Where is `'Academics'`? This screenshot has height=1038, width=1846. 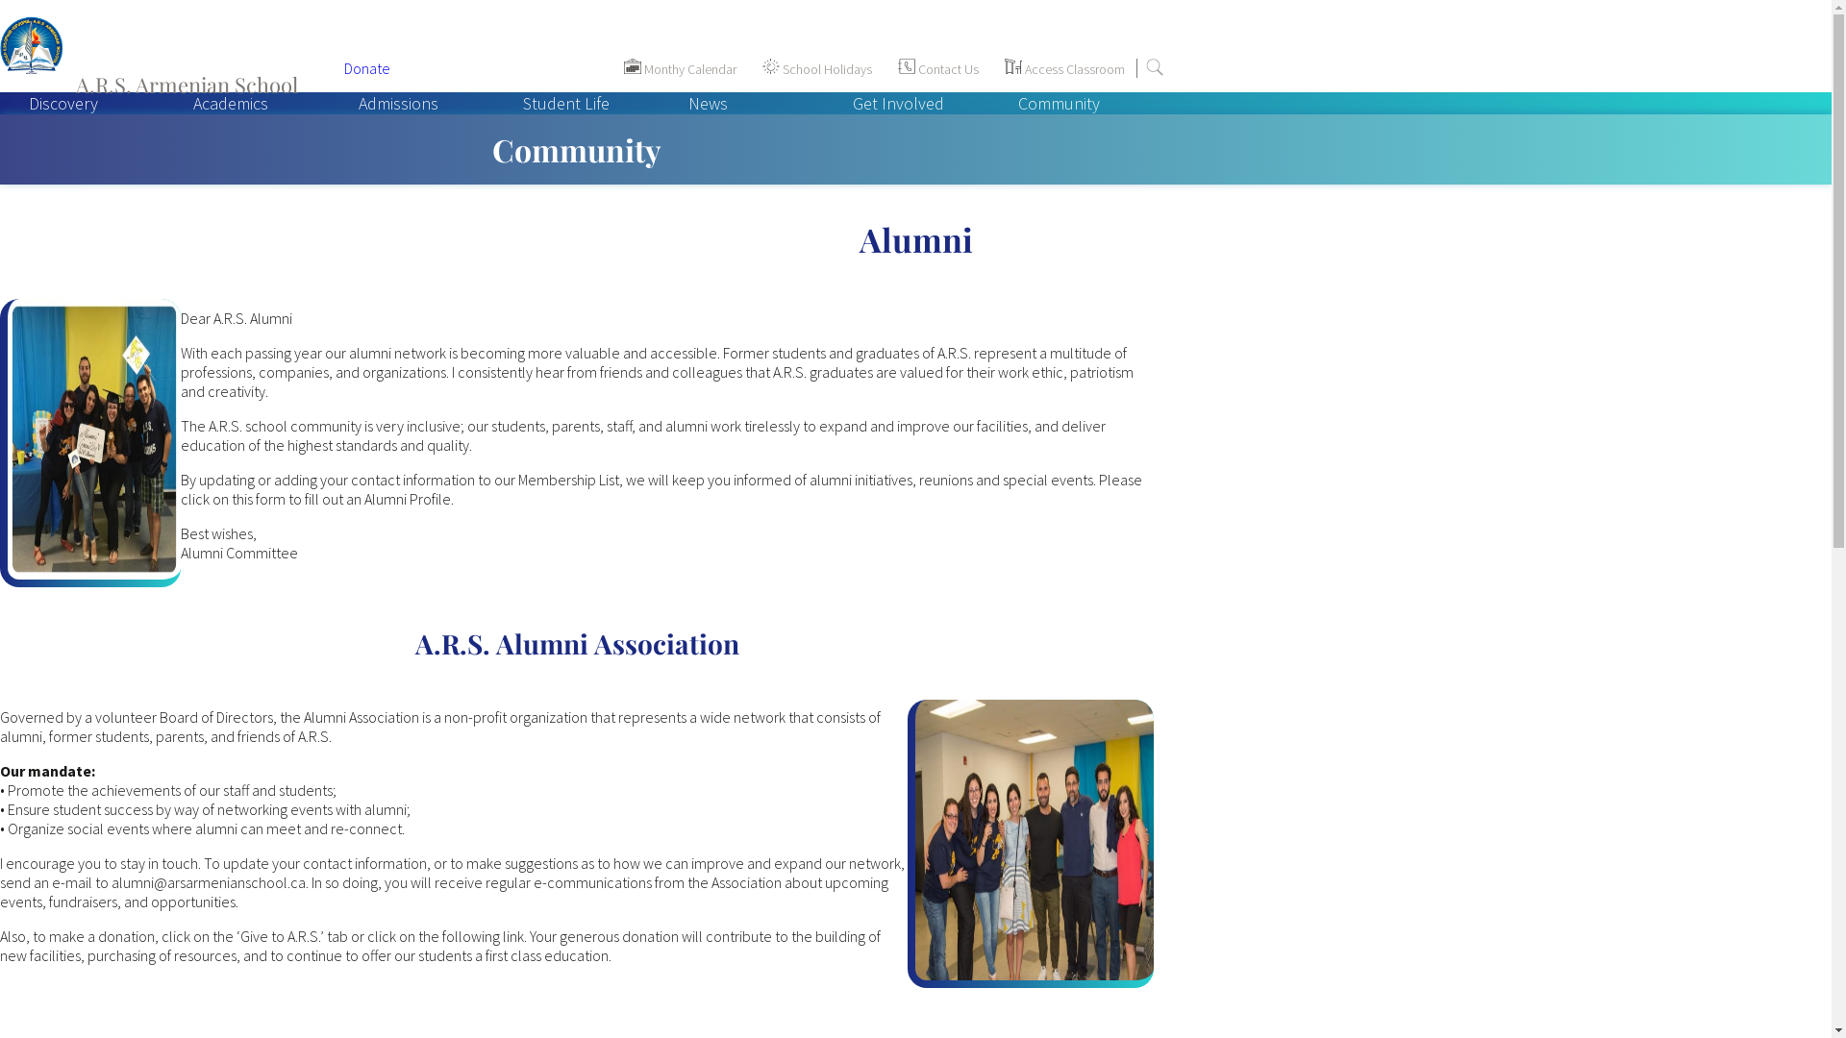 'Academics' is located at coordinates (231, 103).